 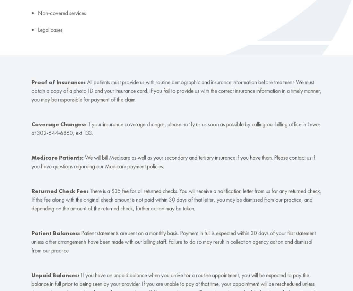 What do you see at coordinates (31, 191) in the screenshot?
I see `'Returned Check Fee:'` at bounding box center [31, 191].